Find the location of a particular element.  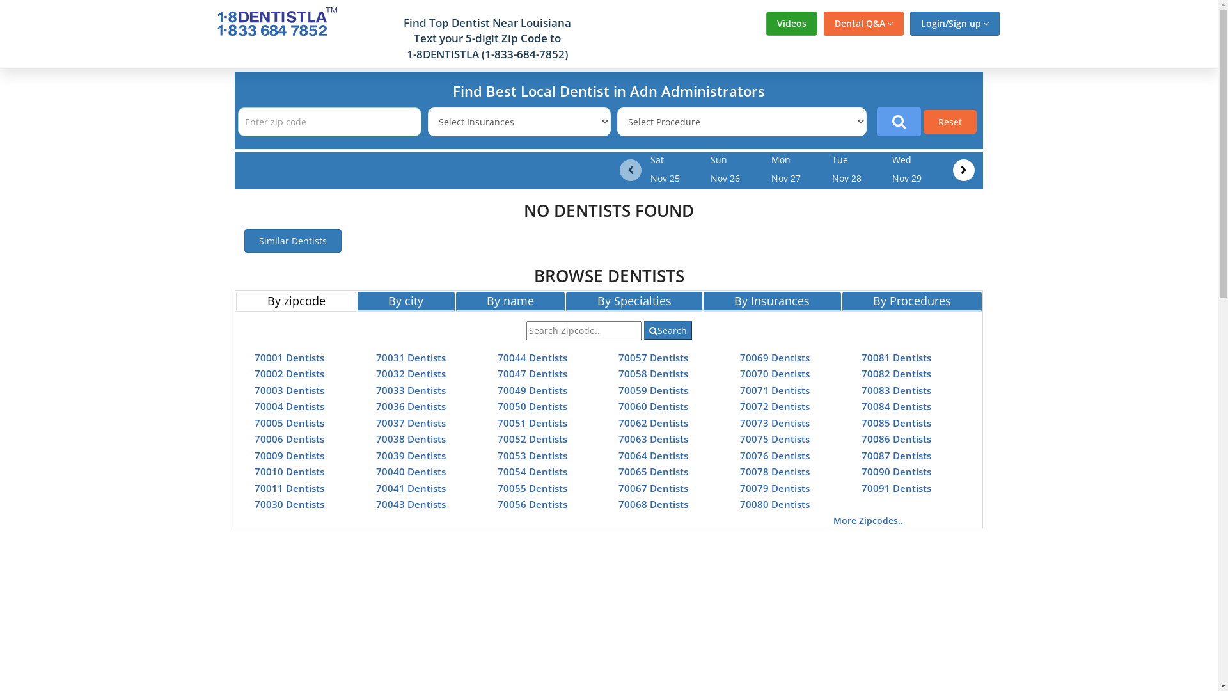

'70073 Dentists' is located at coordinates (774, 422).